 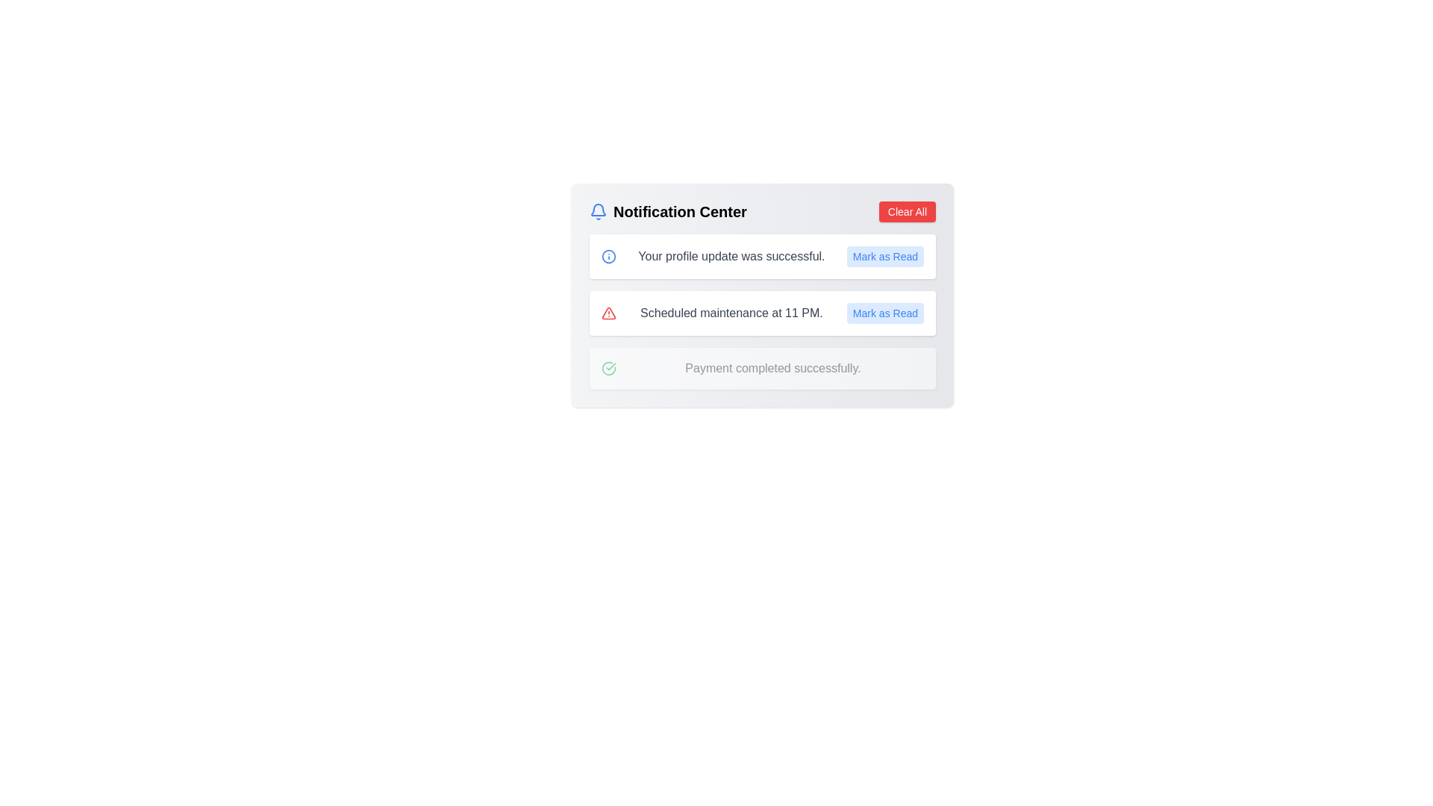 What do you see at coordinates (609, 255) in the screenshot?
I see `the informational icon located at the left edge of the notification stating 'Your profile update was successful.'` at bounding box center [609, 255].